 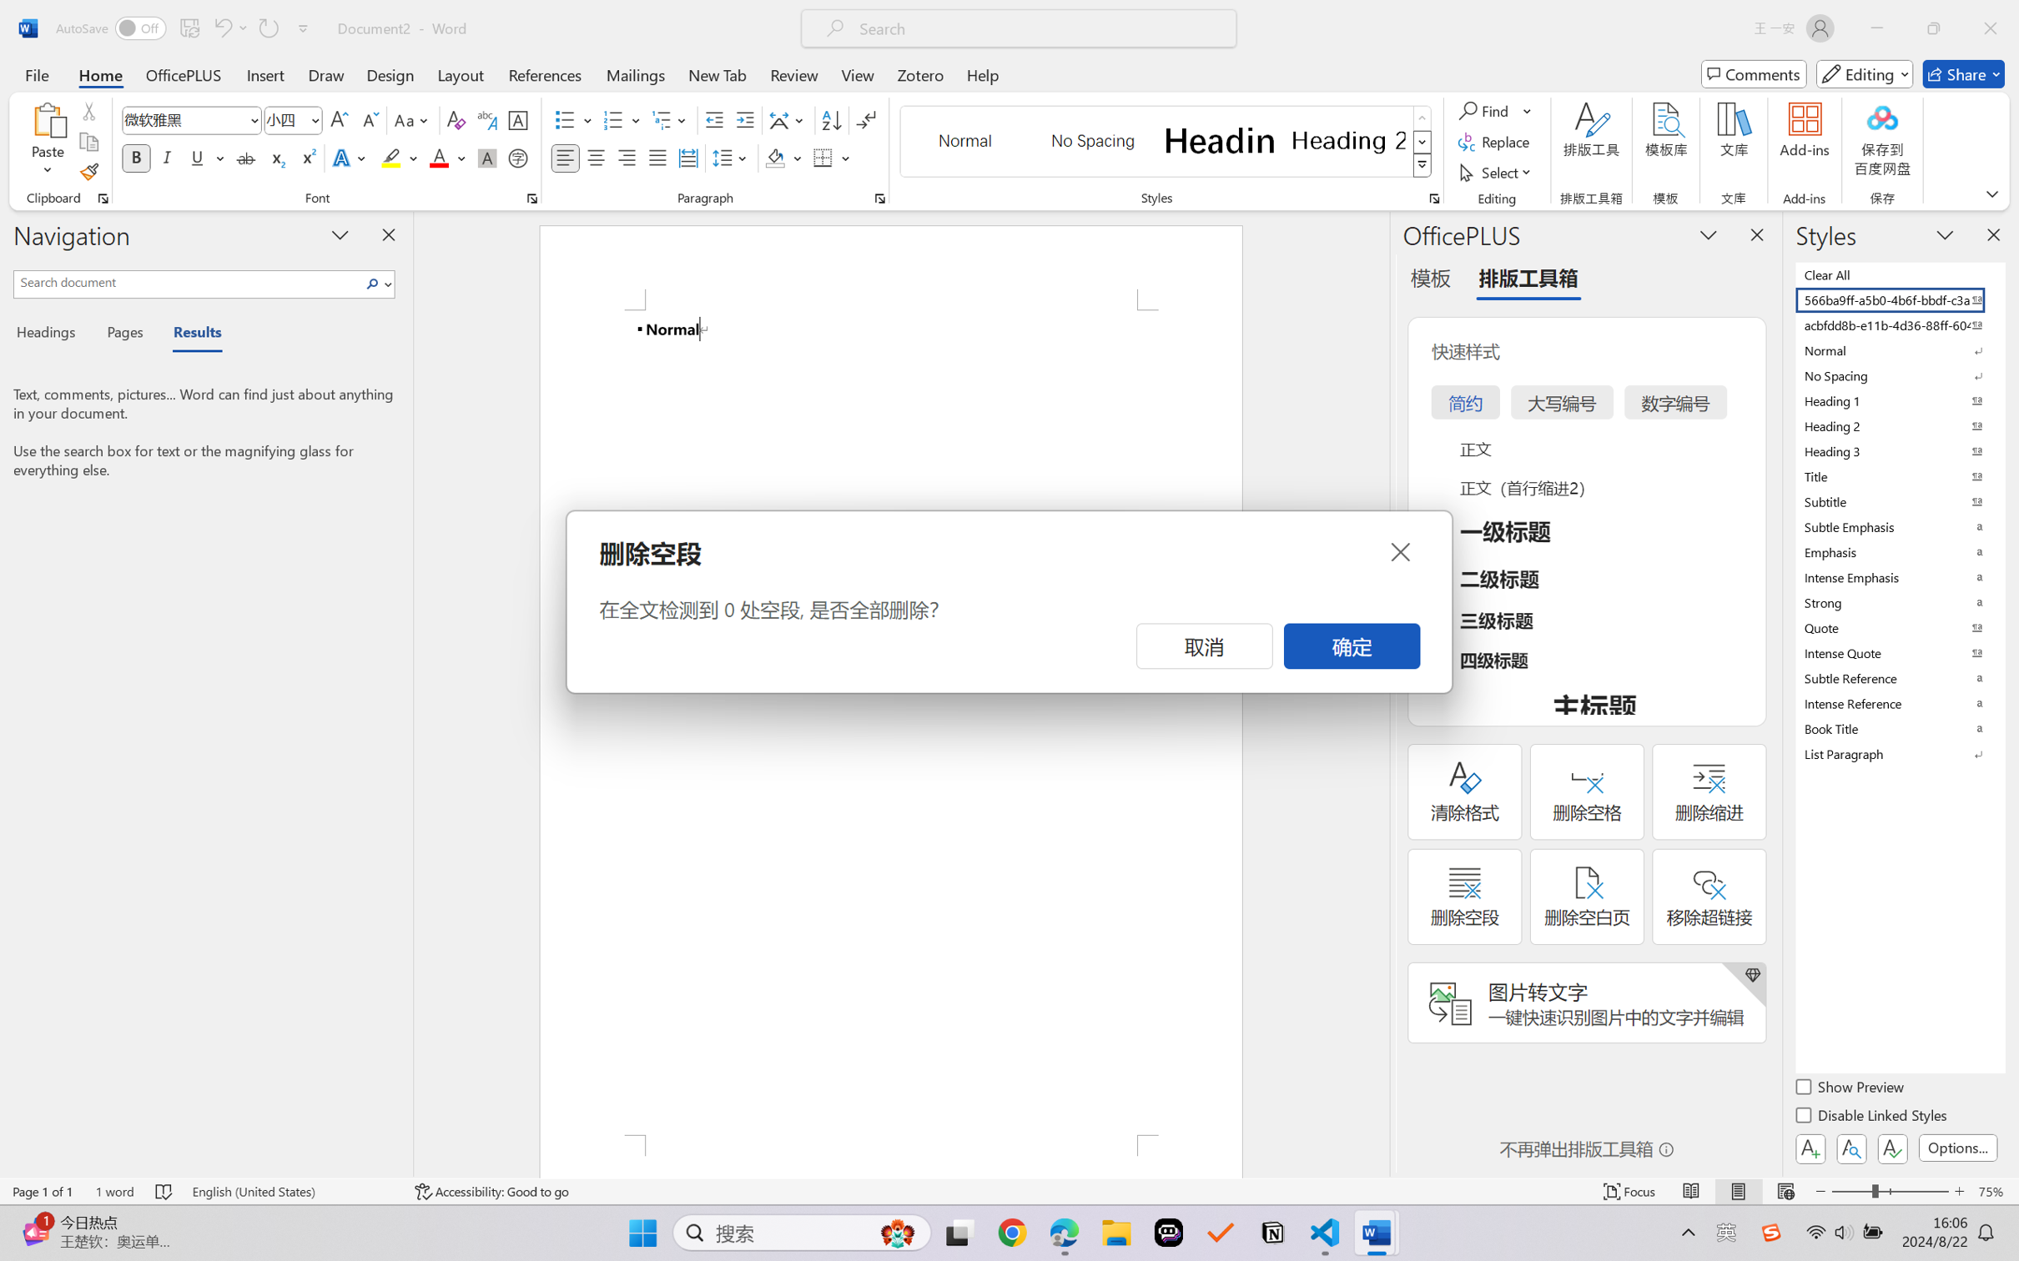 I want to click on 'Italic', so click(x=166, y=157).